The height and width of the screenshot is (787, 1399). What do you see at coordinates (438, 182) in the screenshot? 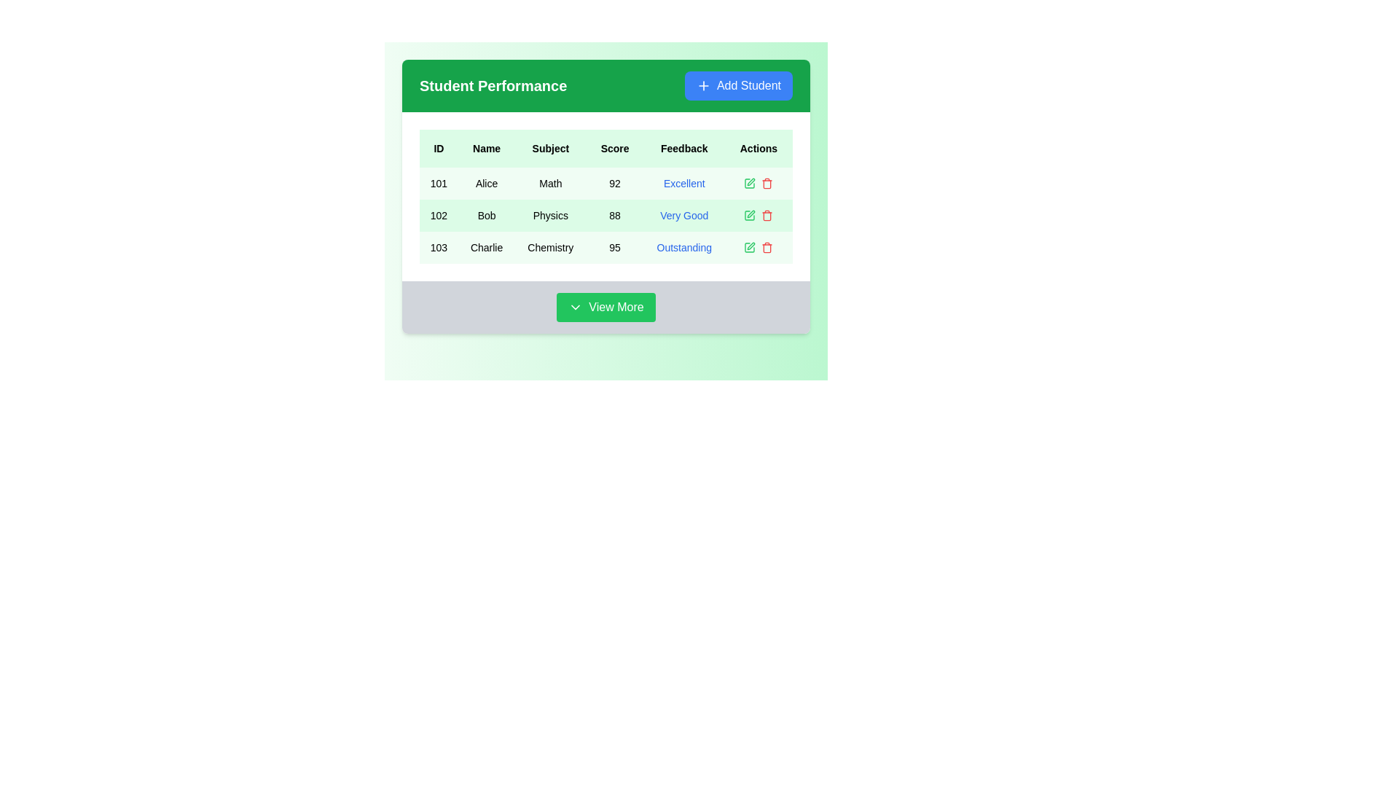
I see `text content of the Text label that serves as the identification number for a student's record, positioned in the first column under the 'ID' heading in the table` at bounding box center [438, 182].